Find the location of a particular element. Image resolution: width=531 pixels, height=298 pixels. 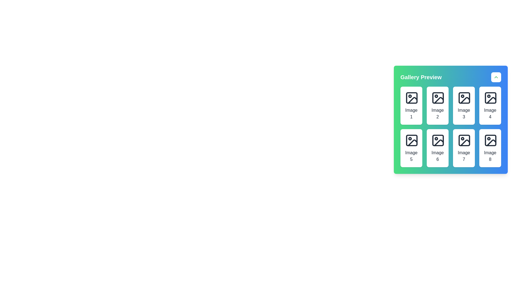

the rectangular graphical icon component located in the top-left corner of the image preview icon within the gallery preview section is located at coordinates (412, 97).